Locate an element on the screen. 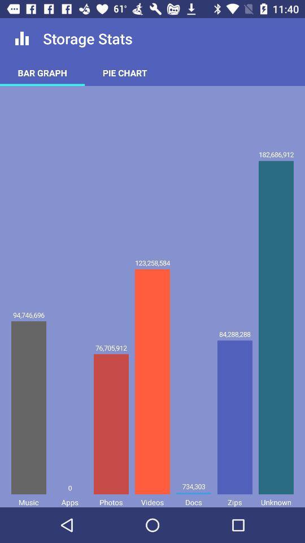  the item next to bar graph is located at coordinates (124, 72).